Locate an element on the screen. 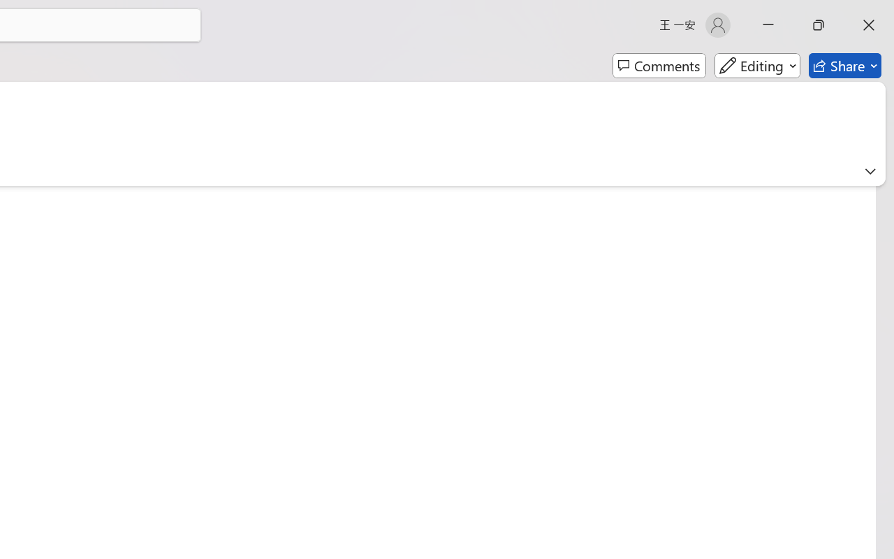 Image resolution: width=894 pixels, height=559 pixels. 'Share' is located at coordinates (844, 66).